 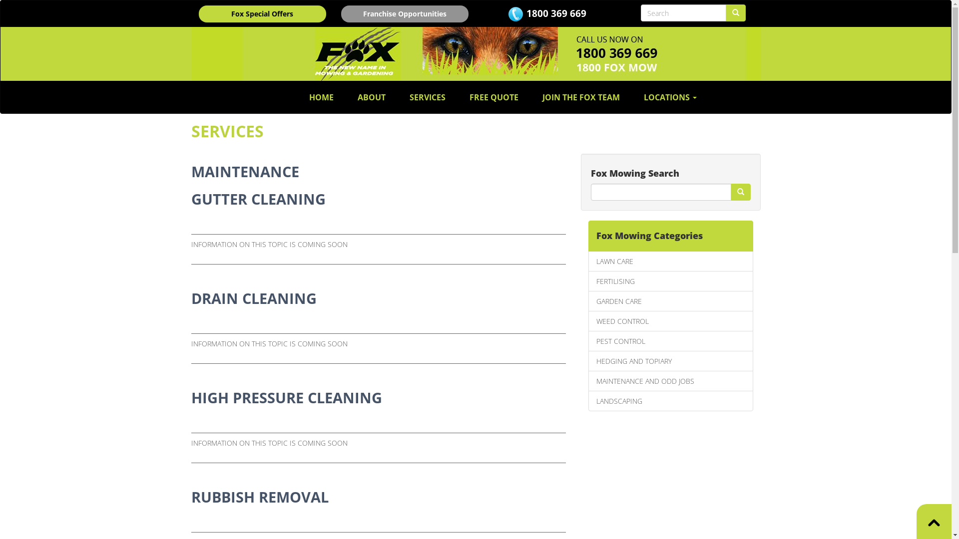 What do you see at coordinates (371, 97) in the screenshot?
I see `'ABOUT'` at bounding box center [371, 97].